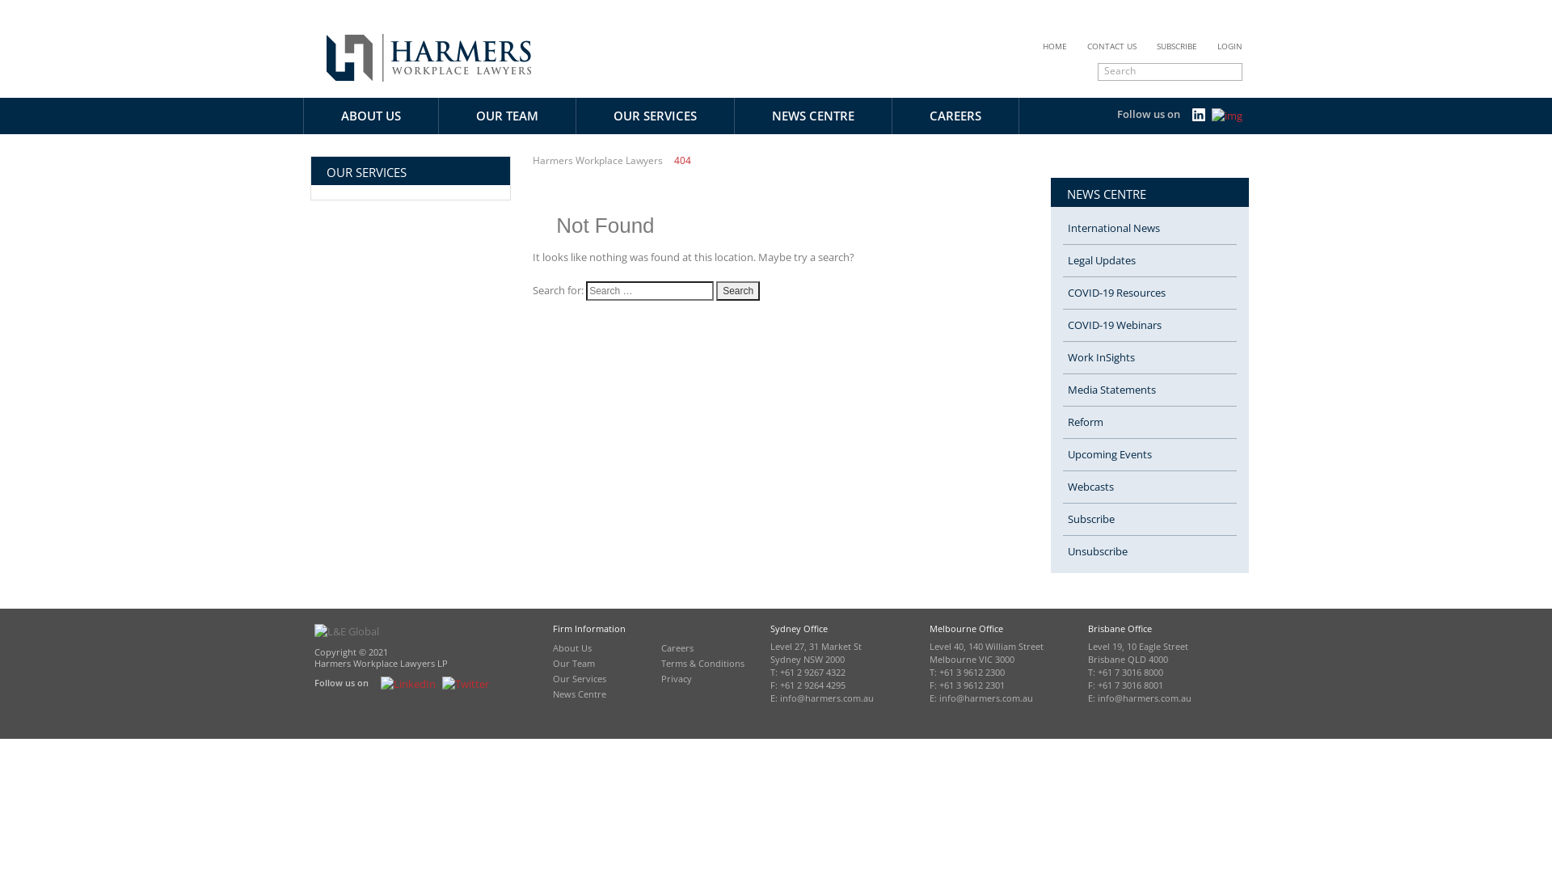 The height and width of the screenshot is (873, 1552). Describe the element at coordinates (826, 698) in the screenshot. I see `'info@harmers.com.au'` at that location.